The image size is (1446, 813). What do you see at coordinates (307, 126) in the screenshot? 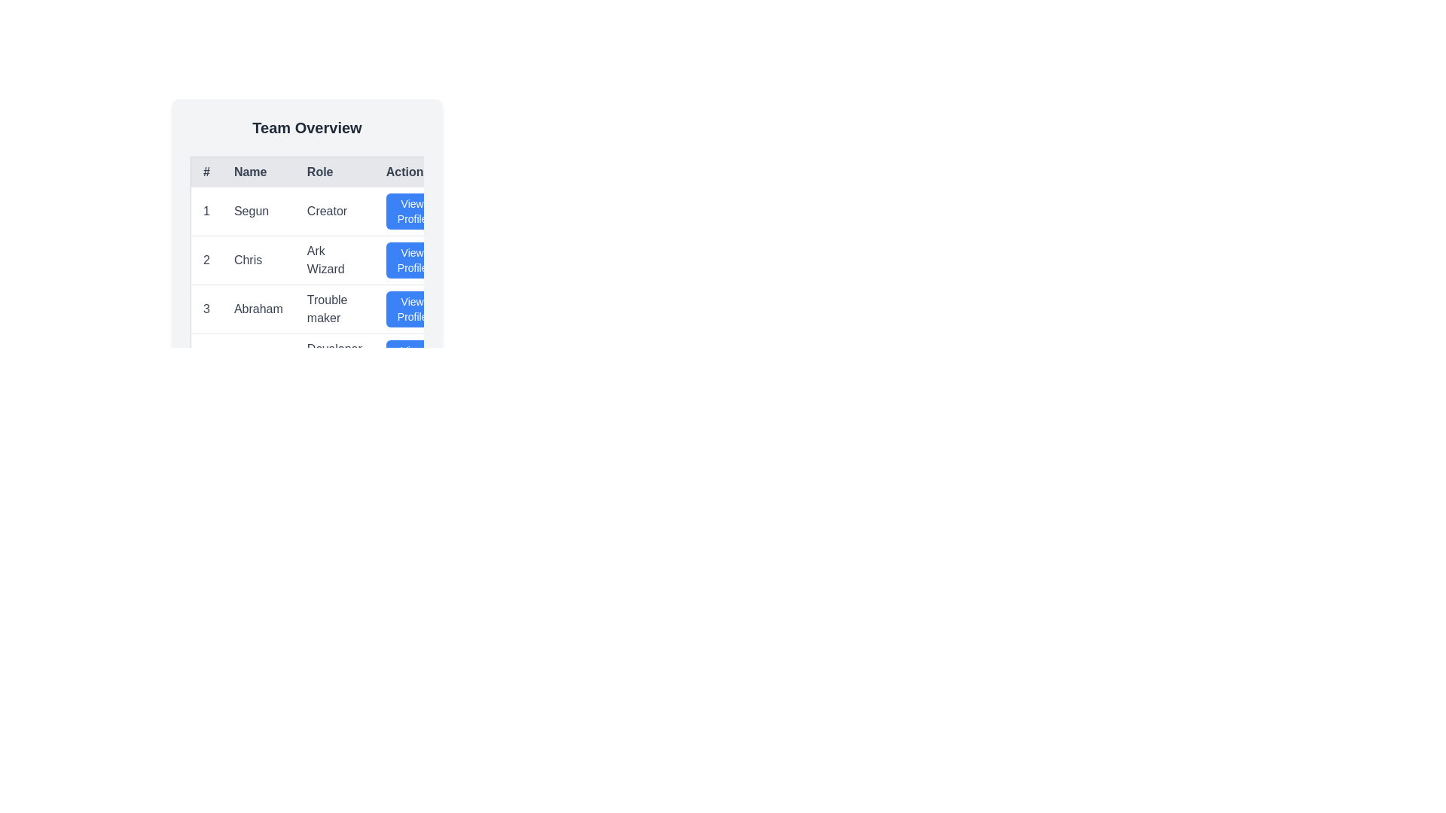
I see `text content of the Text Header that serves as a title for the overview of the team, located at the top center of the section above the table layout` at bounding box center [307, 126].